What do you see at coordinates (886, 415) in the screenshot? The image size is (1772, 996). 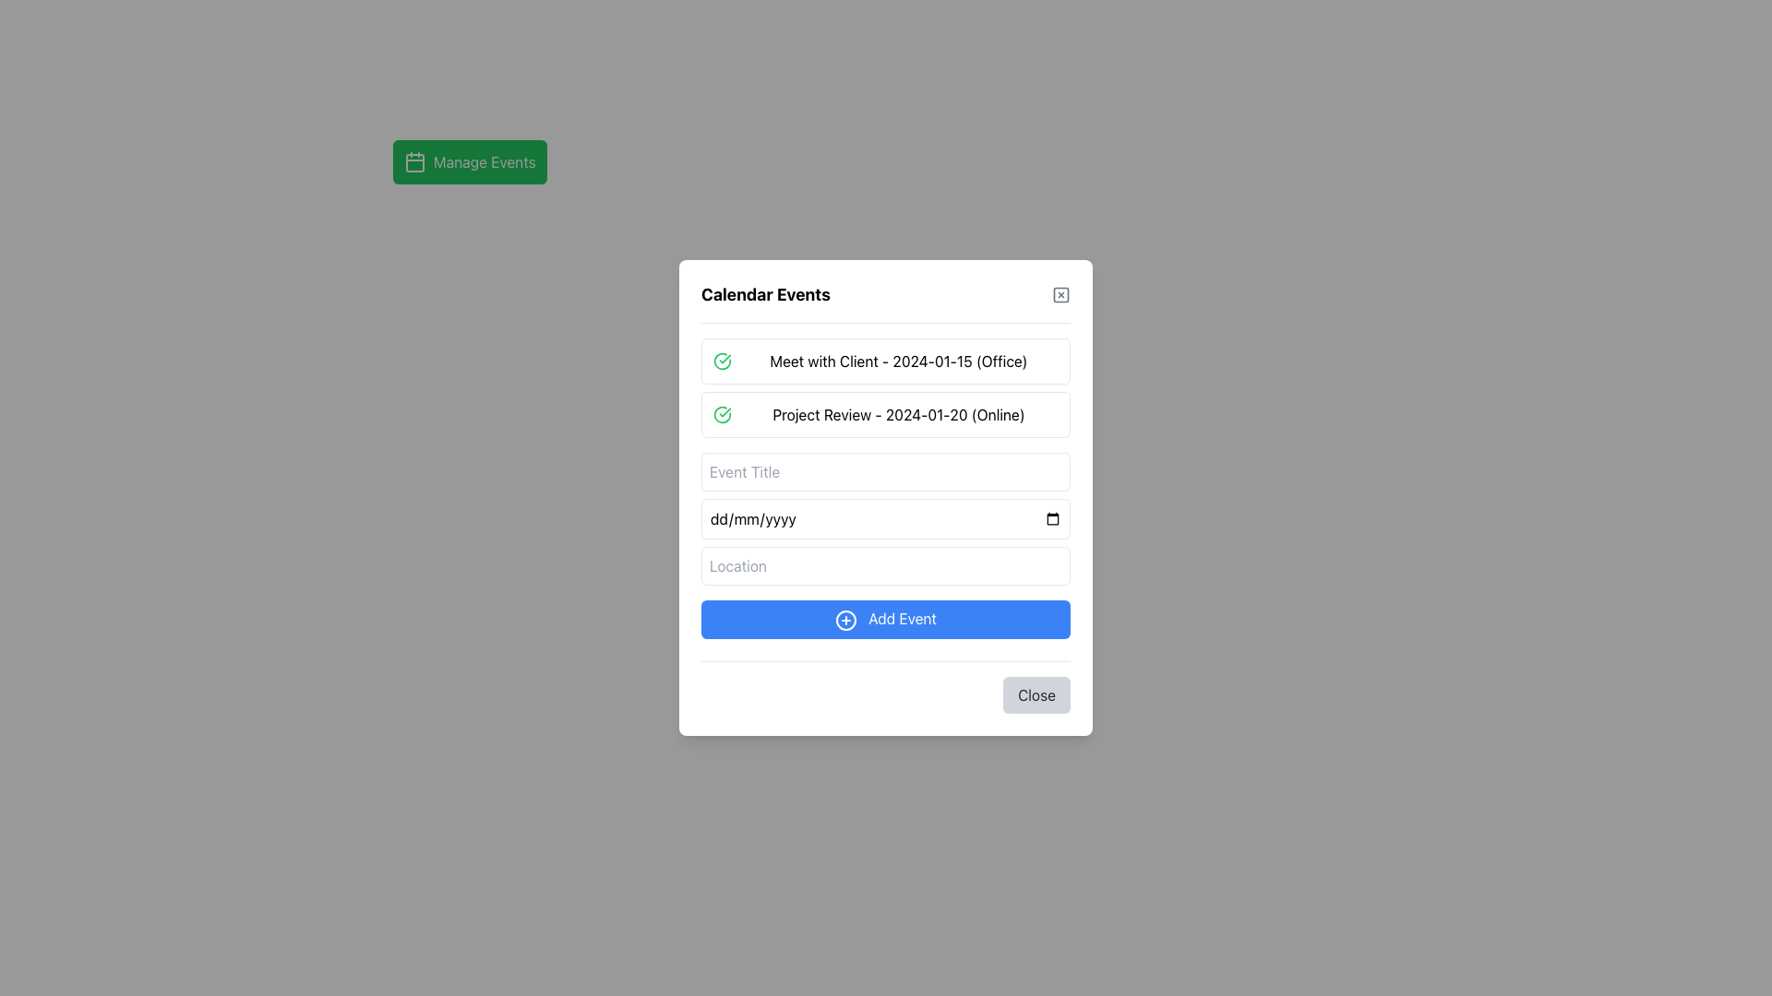 I see `the second list item in the 'Calendar Events' modal labeled 'Project Review - 2024-01-20 (Online)'` at bounding box center [886, 415].